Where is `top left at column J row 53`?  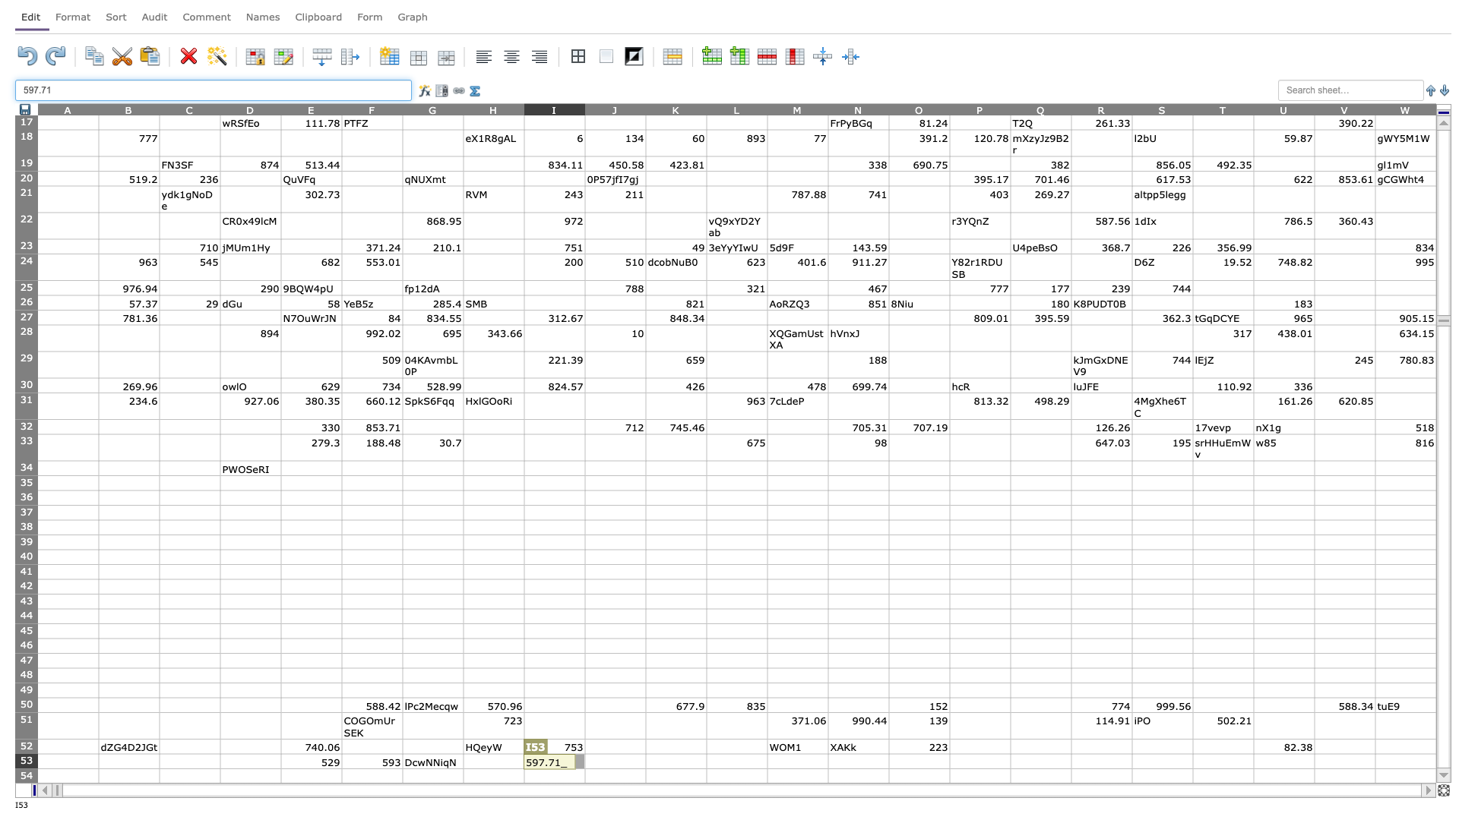
top left at column J row 53 is located at coordinates (584, 753).